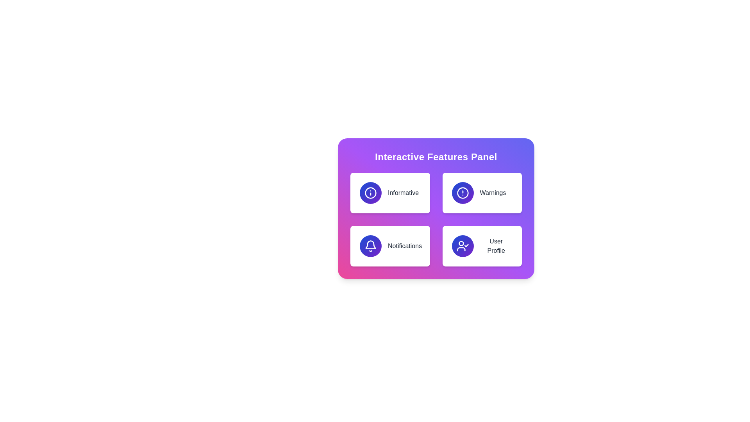  Describe the element at coordinates (403, 193) in the screenshot. I see `the text label that displays 'Informative', which is styled with a medium font weight in grey color and located centrally below an icon within a card in the top-left quadrant of a four-card grid` at that location.